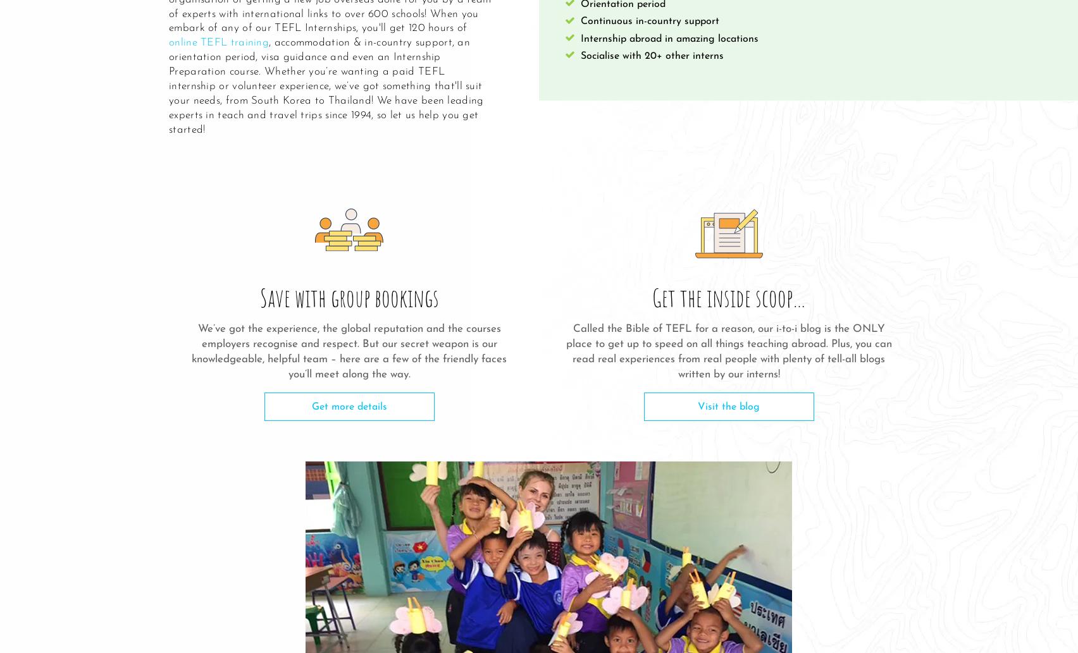  Describe the element at coordinates (311, 406) in the screenshot. I see `'Get more details'` at that location.